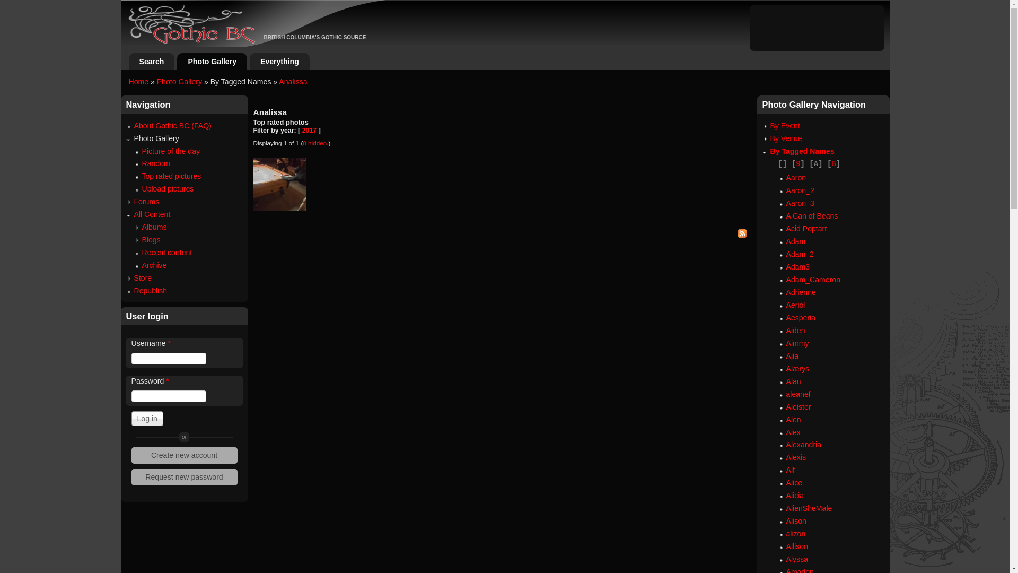 The image size is (1018, 573). What do you see at coordinates (800, 189) in the screenshot?
I see `'Aaron_2'` at bounding box center [800, 189].